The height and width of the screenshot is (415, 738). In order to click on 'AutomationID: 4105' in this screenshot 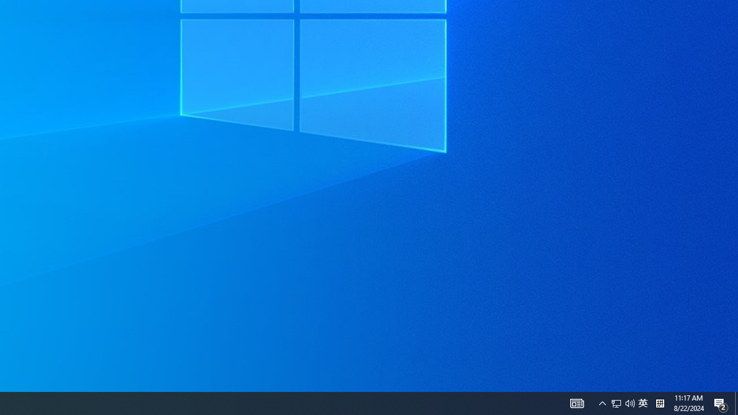, I will do `click(577, 402)`.